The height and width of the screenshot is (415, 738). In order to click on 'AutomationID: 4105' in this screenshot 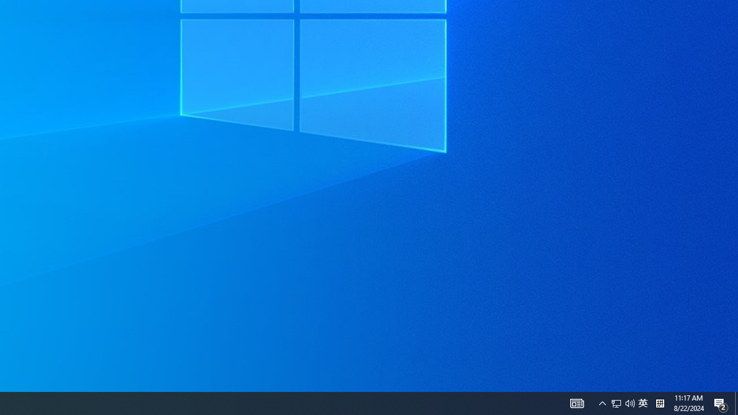, I will do `click(577, 402)`.